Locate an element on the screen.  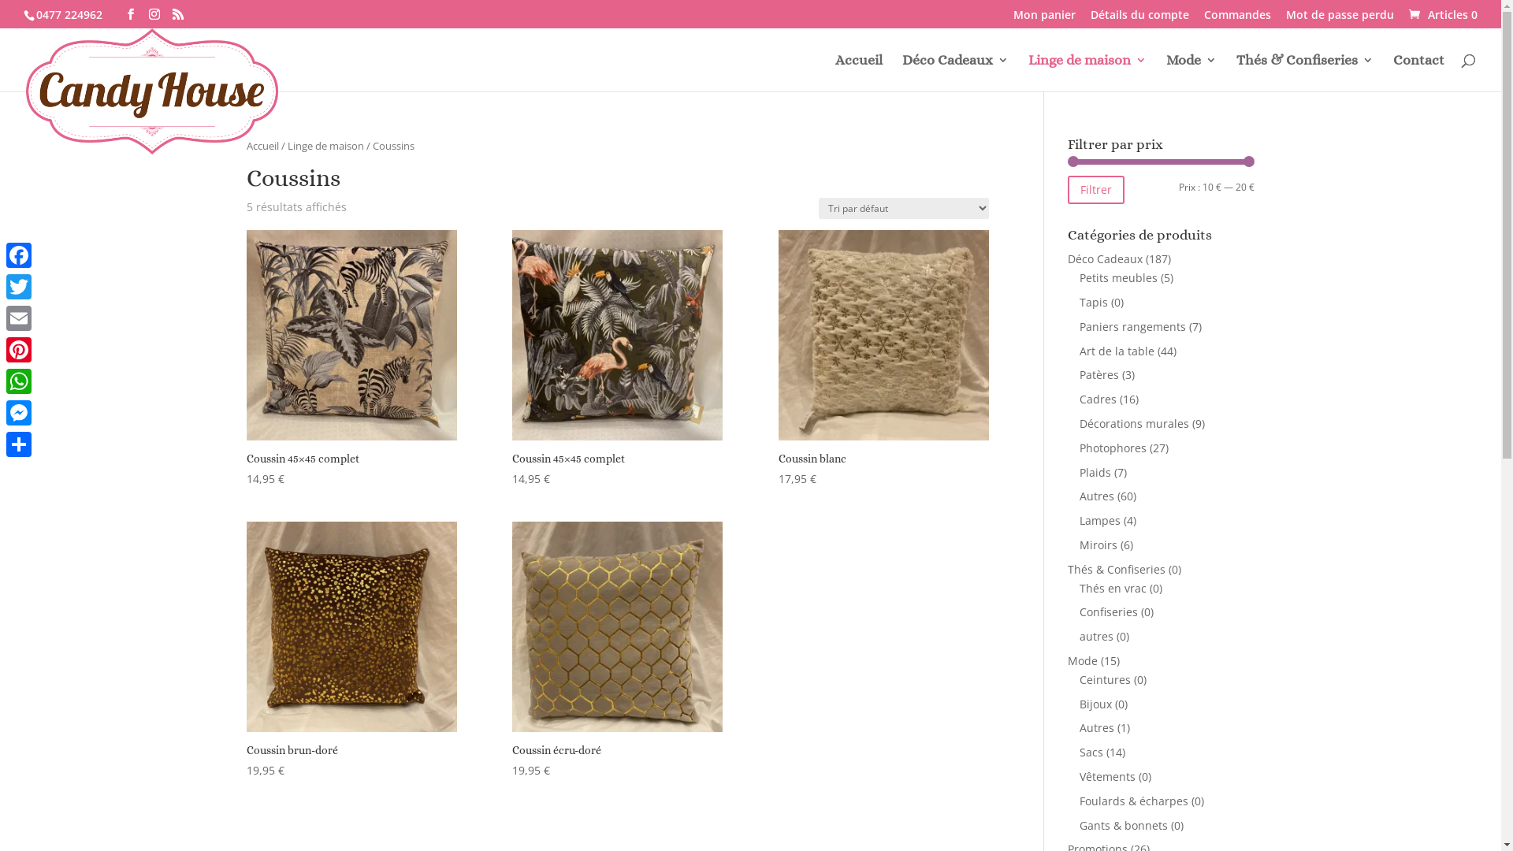
'Cadres' is located at coordinates (1078, 398).